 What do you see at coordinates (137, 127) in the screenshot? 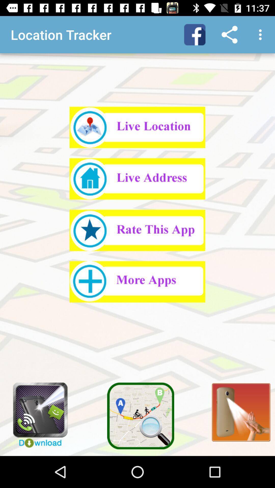
I see `see live locations` at bounding box center [137, 127].